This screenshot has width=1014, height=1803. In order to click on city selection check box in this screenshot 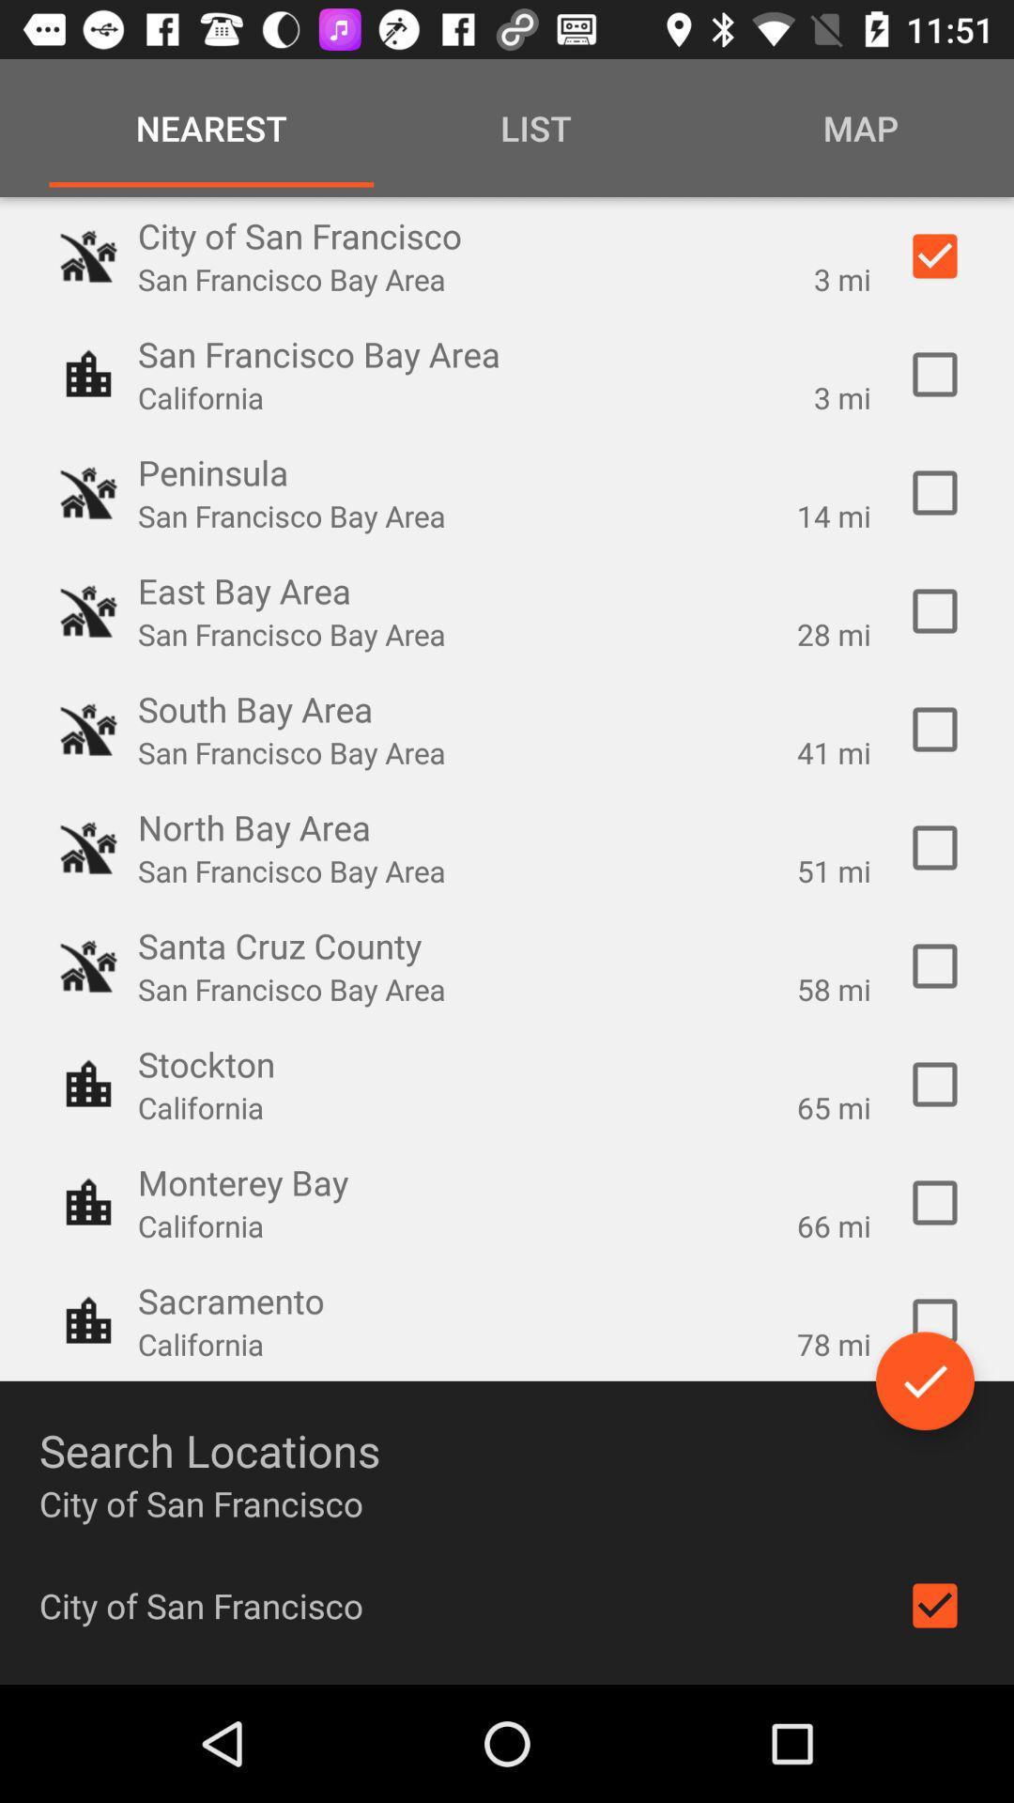, I will do `click(934, 1085)`.